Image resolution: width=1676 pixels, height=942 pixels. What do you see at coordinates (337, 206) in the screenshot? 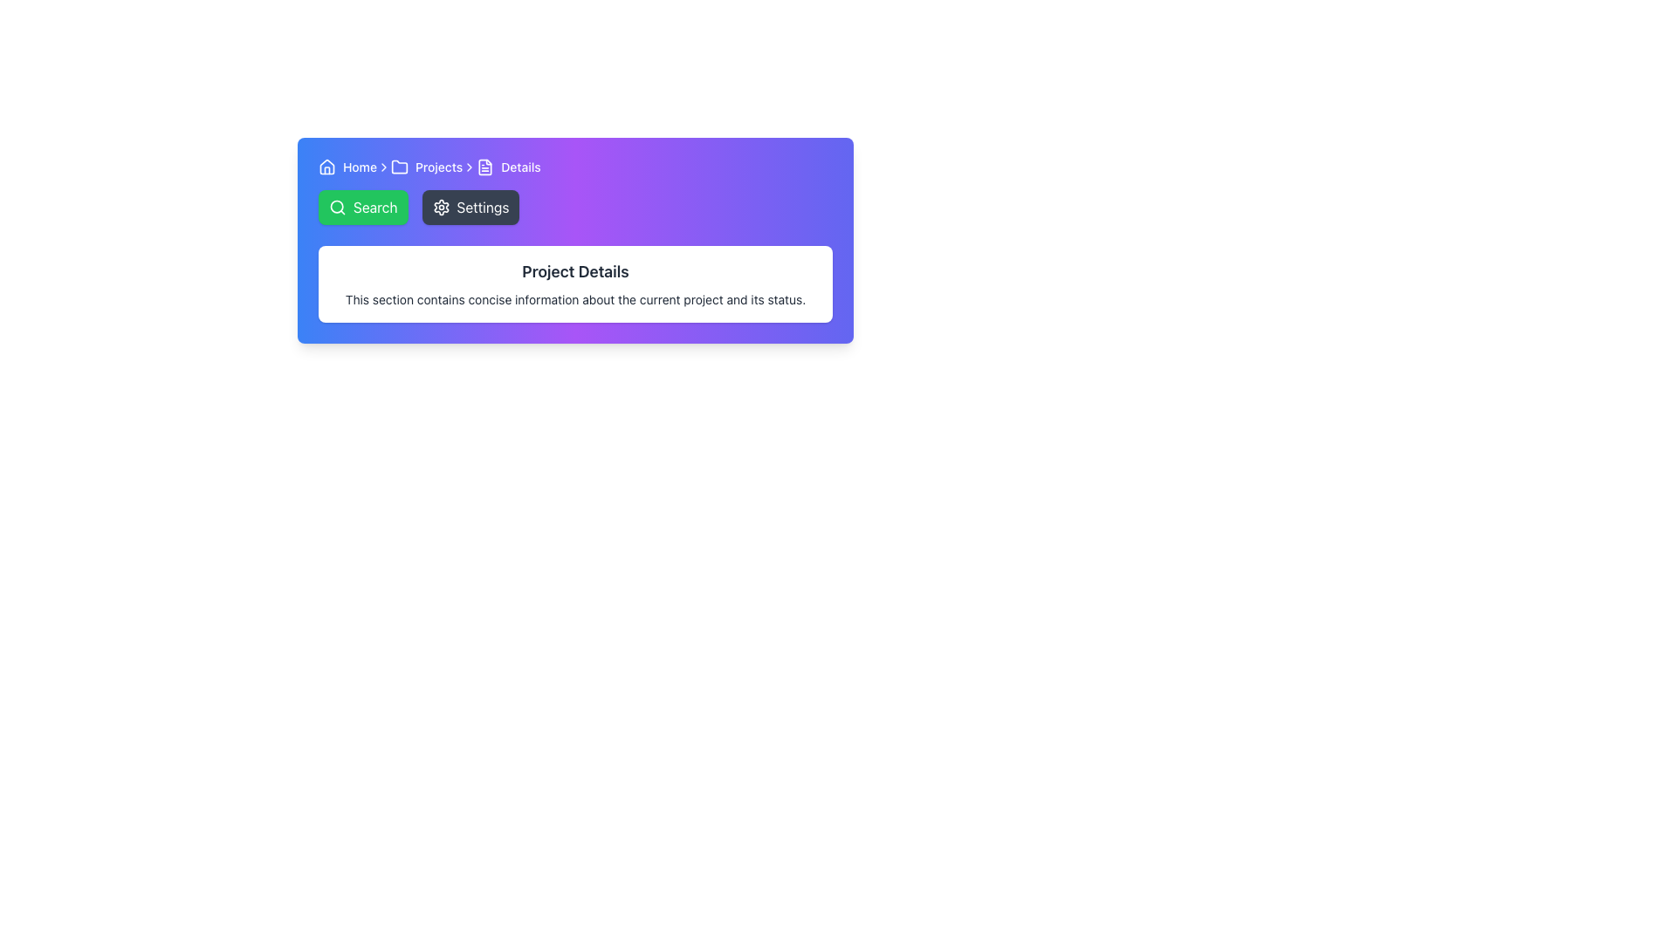
I see `properties of the SVG Circle located within the search button, positioned near the top left of the interface next to the Settings button` at bounding box center [337, 206].